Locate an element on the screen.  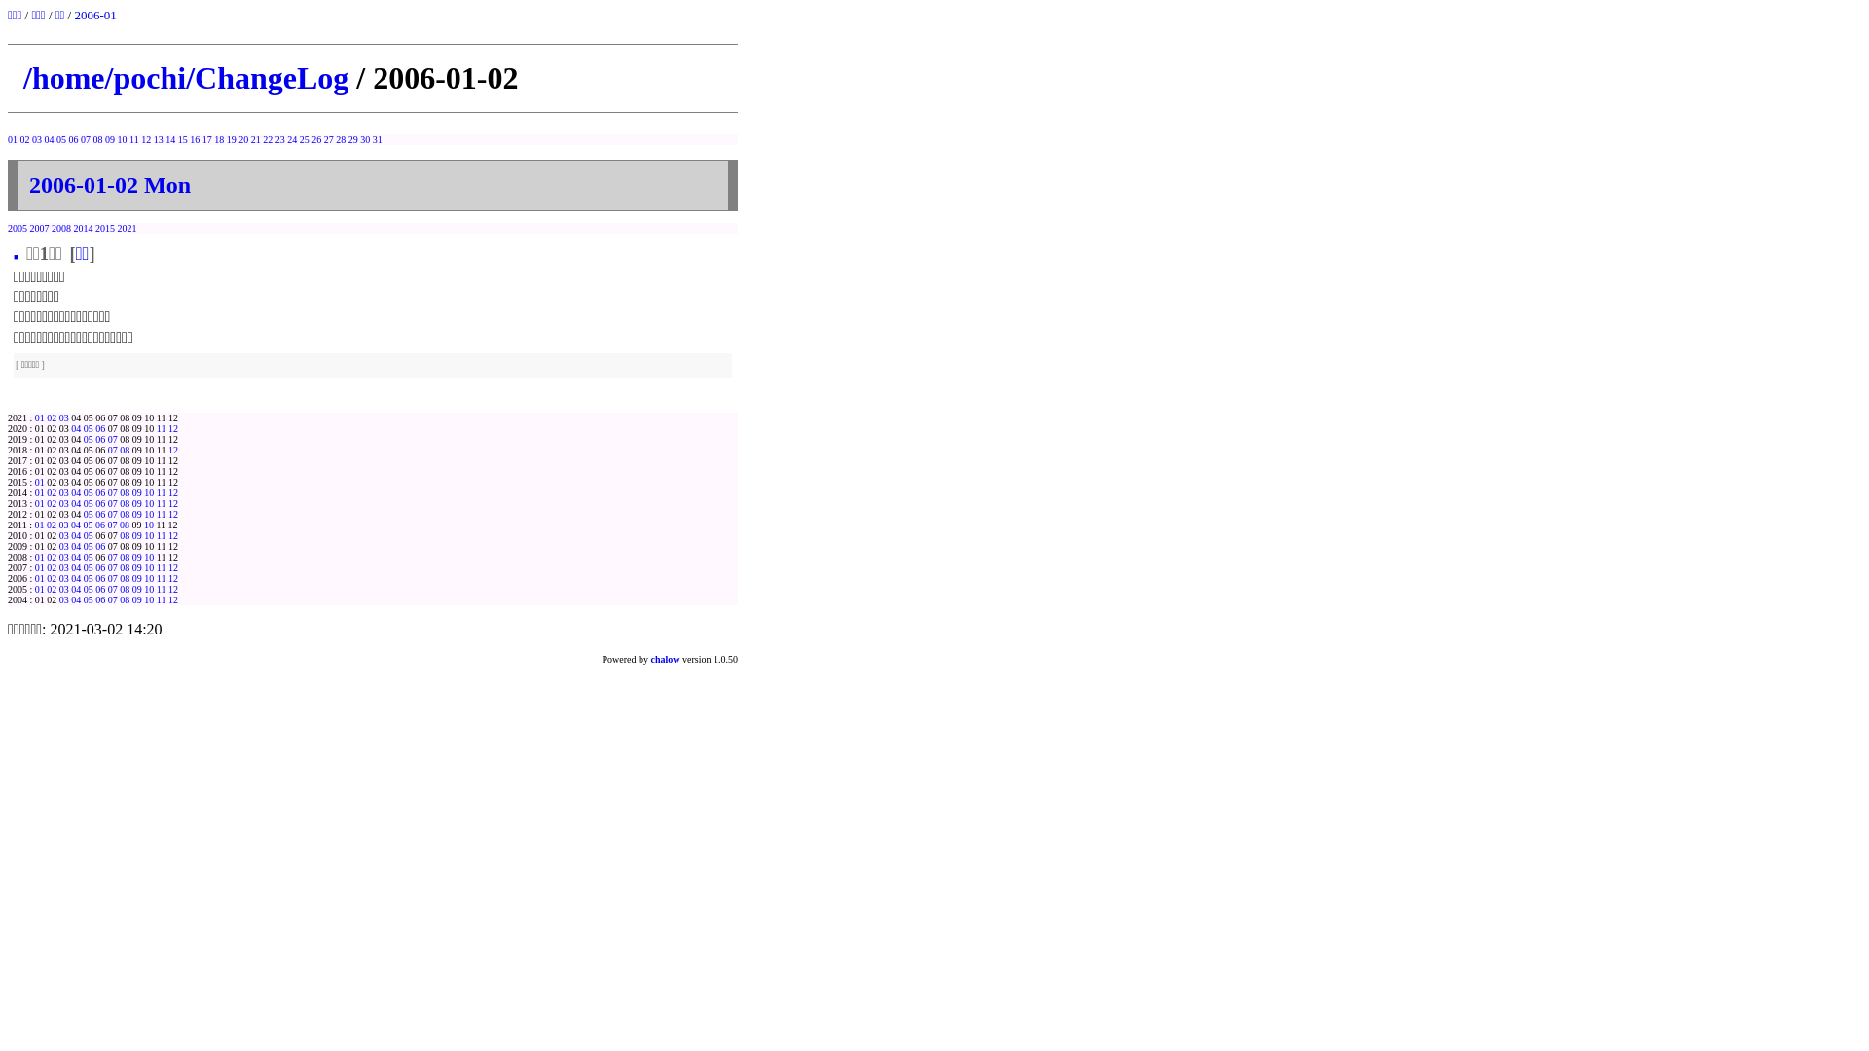
'12' is located at coordinates (172, 567).